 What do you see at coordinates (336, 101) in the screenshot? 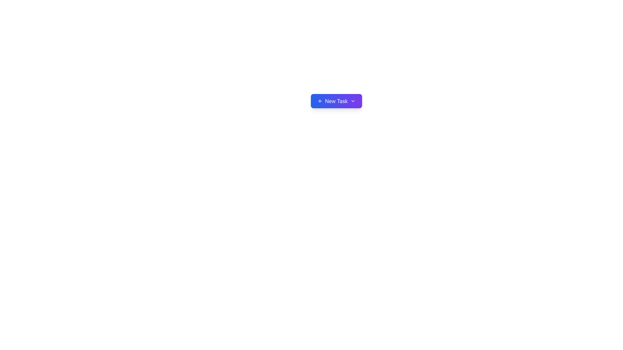
I see `the text content of the 'New Task' label located at the center-right of the button with a gradient background and rounded corners` at bounding box center [336, 101].